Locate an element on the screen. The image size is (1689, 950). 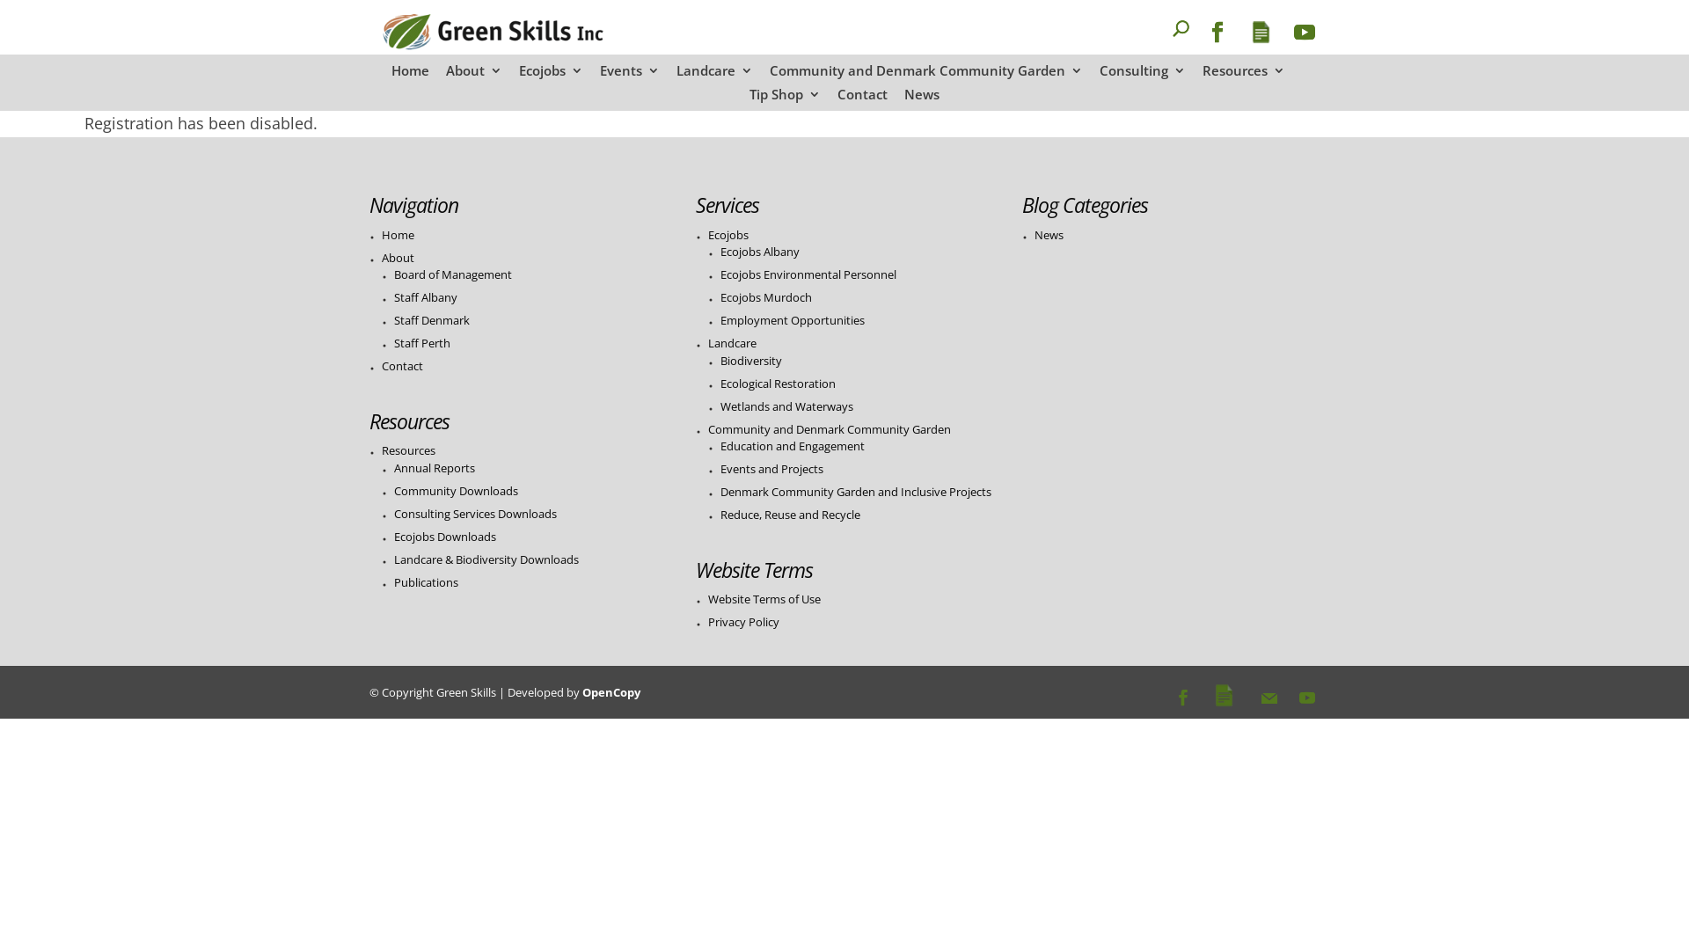
'Ecojobs Downloads' is located at coordinates (444, 535).